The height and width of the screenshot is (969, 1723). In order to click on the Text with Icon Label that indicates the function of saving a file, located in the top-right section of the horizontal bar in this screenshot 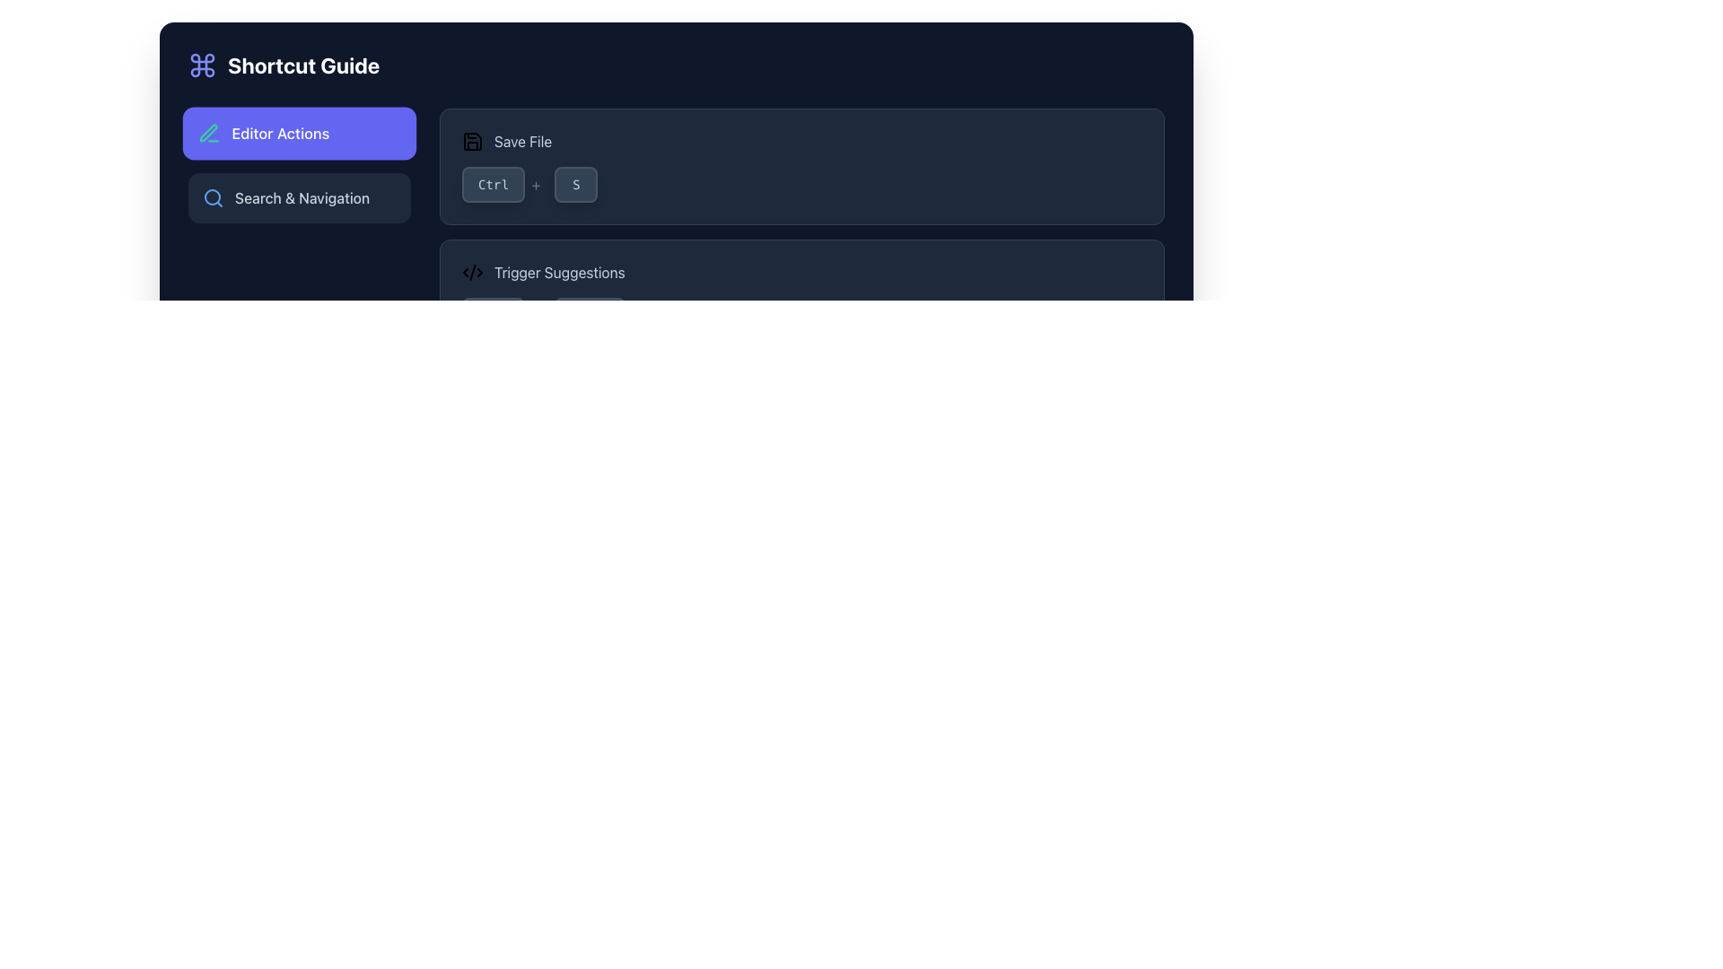, I will do `click(506, 141)`.